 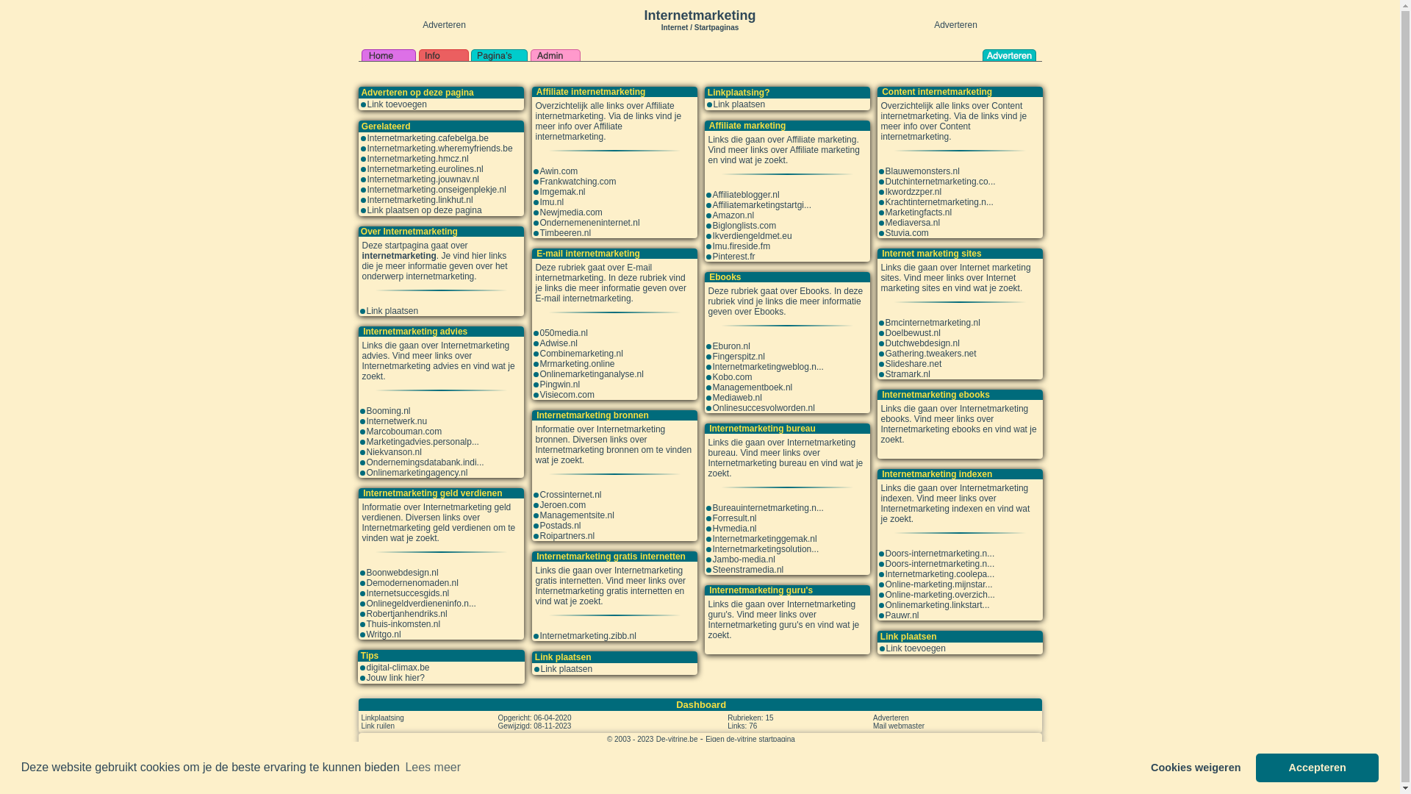 What do you see at coordinates (591, 373) in the screenshot?
I see `'Onlinemarketinganalyse.nl'` at bounding box center [591, 373].